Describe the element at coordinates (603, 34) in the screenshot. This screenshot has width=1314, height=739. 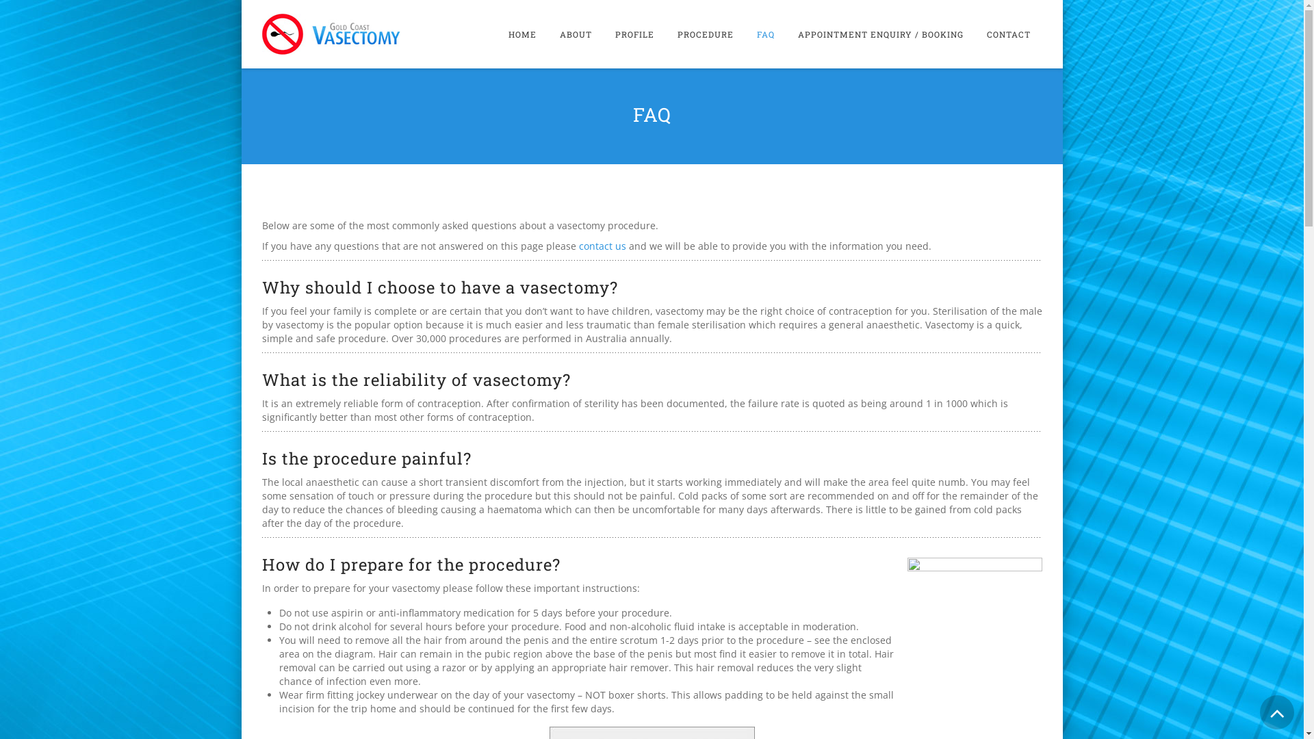
I see `'PROFILE'` at that location.